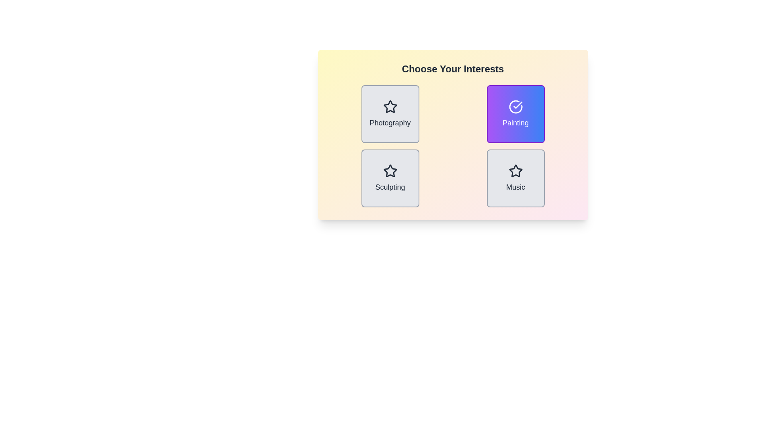 This screenshot has height=434, width=772. I want to click on the item labeled Painting by clicking its button, so click(515, 114).